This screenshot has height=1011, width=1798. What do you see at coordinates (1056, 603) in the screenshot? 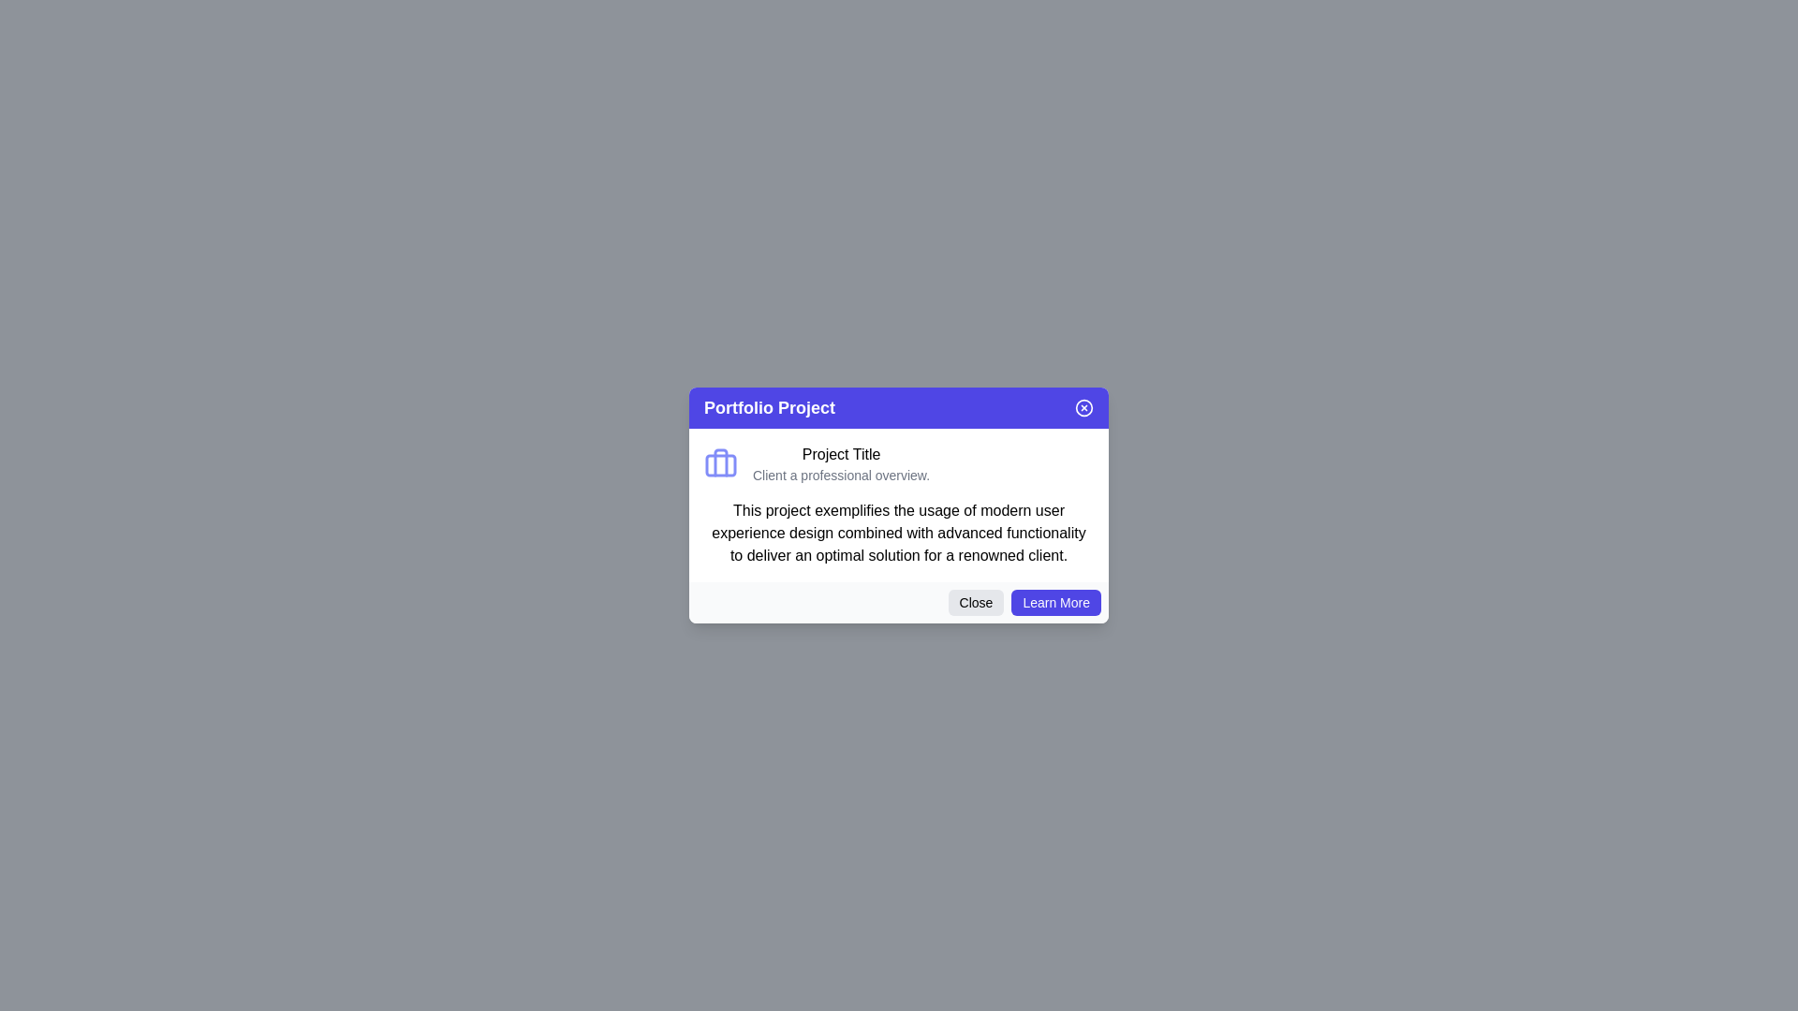
I see `the button located at the bottom-right corner of the popup dialog, which is positioned to the immediate right of the 'Close' button, to change its background color` at bounding box center [1056, 603].